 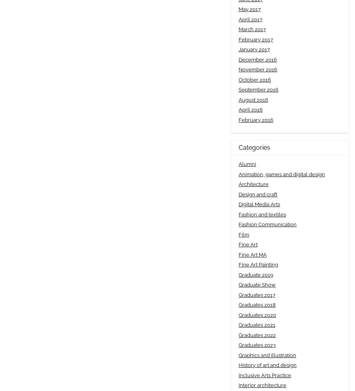 What do you see at coordinates (257, 315) in the screenshot?
I see `'Graduates 2020'` at bounding box center [257, 315].